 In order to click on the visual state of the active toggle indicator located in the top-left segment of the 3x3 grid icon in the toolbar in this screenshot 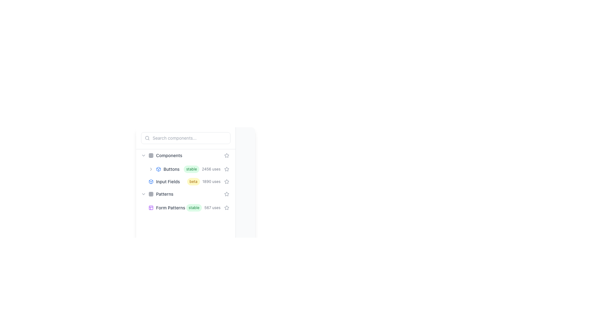, I will do `click(151, 155)`.